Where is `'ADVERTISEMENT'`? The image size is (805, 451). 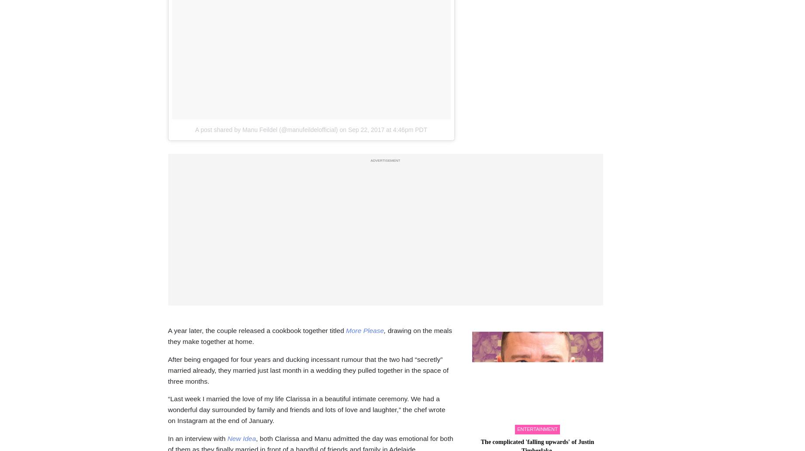 'ADVERTISEMENT' is located at coordinates (385, 160).